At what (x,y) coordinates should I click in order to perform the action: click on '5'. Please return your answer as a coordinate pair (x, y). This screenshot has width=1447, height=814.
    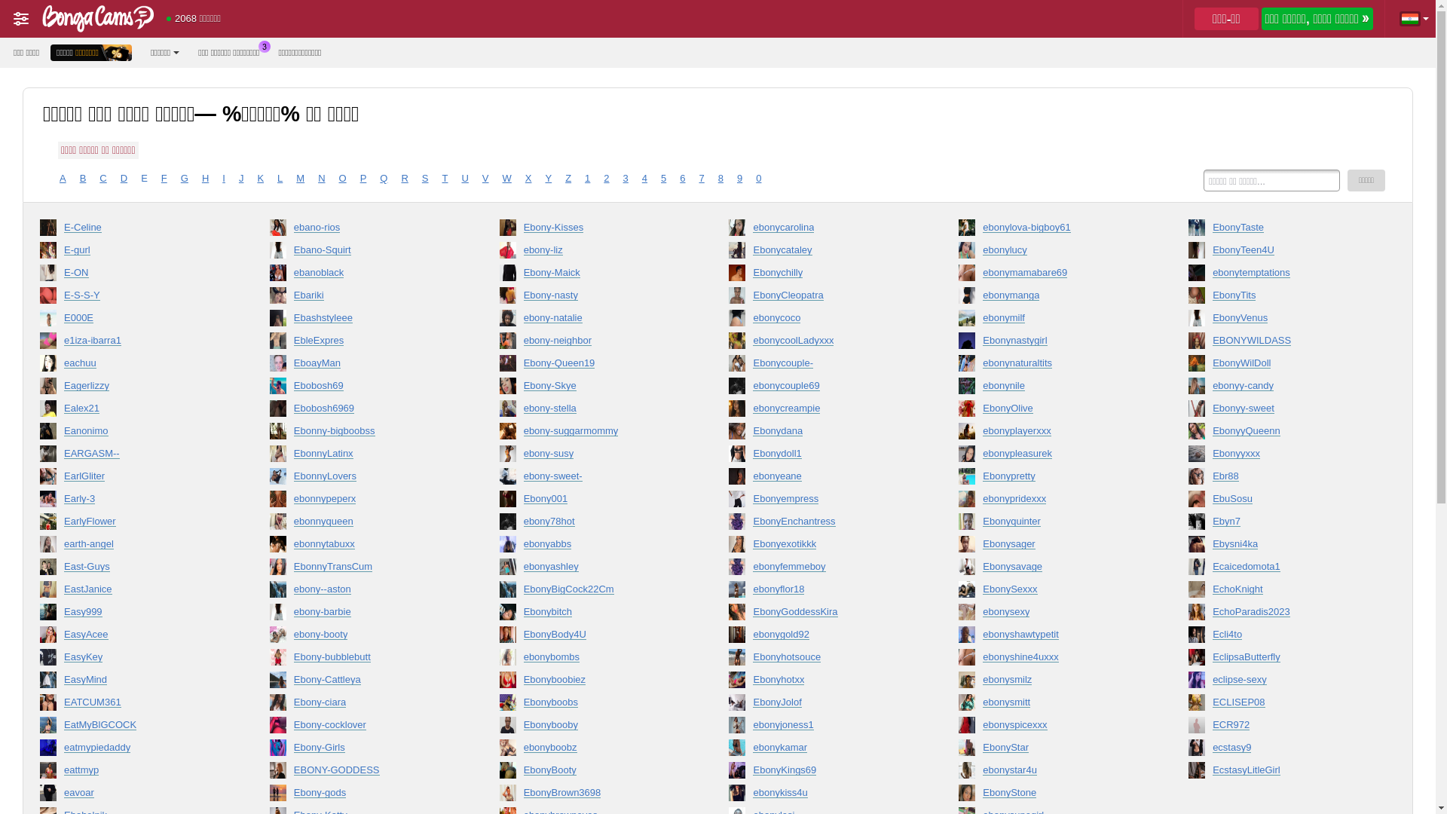
    Looking at the image, I should click on (661, 177).